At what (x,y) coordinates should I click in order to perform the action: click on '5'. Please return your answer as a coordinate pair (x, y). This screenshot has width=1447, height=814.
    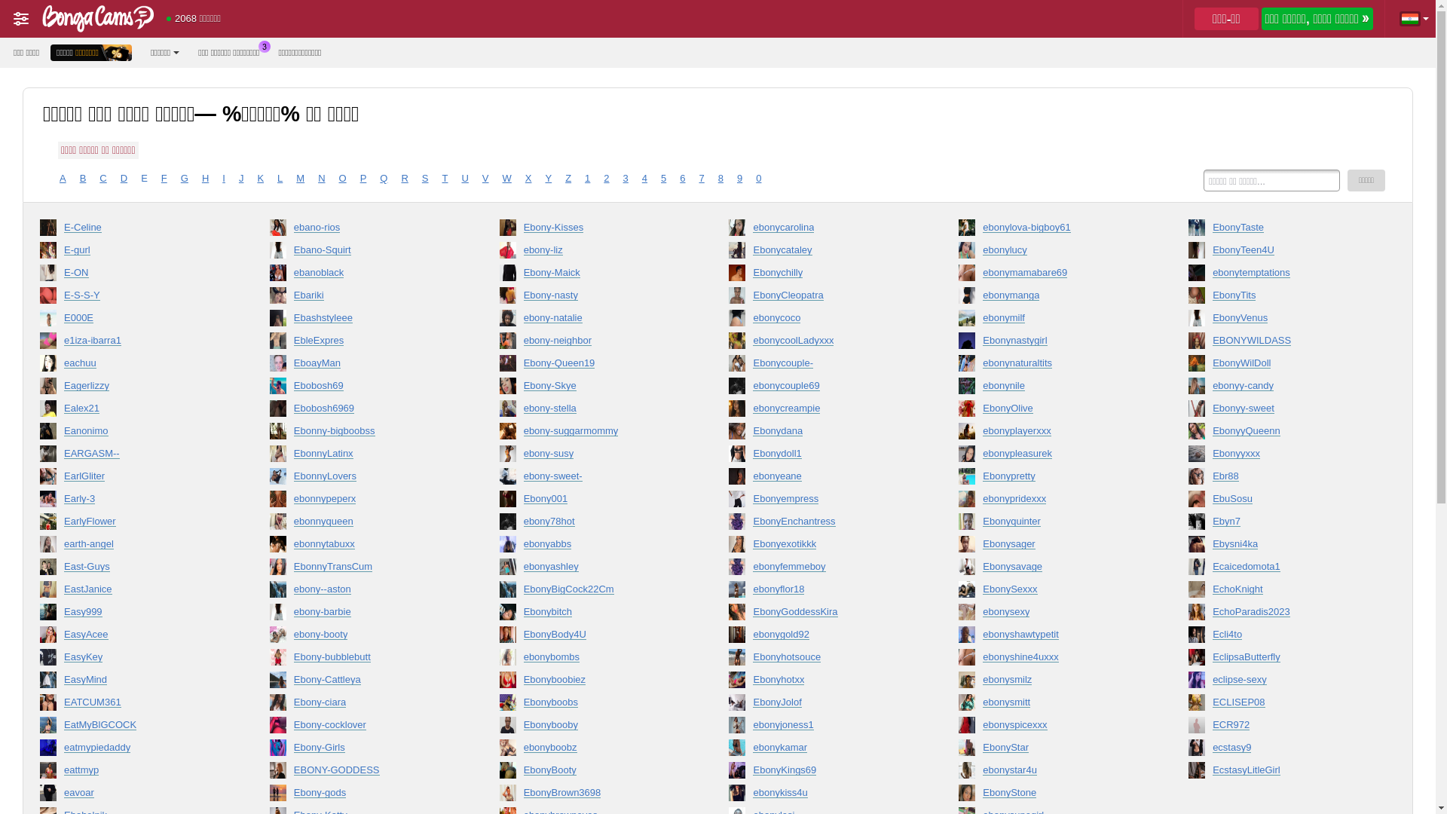
    Looking at the image, I should click on (661, 177).